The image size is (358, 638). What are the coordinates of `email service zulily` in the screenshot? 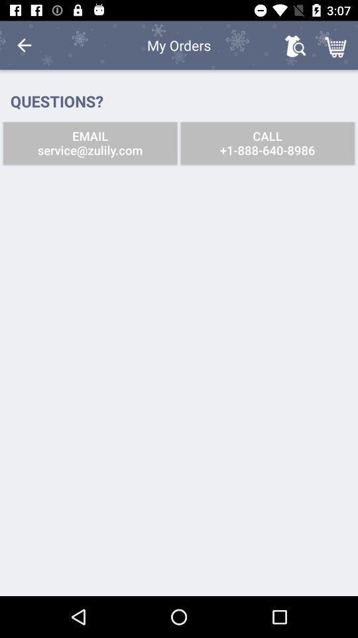 It's located at (89, 143).